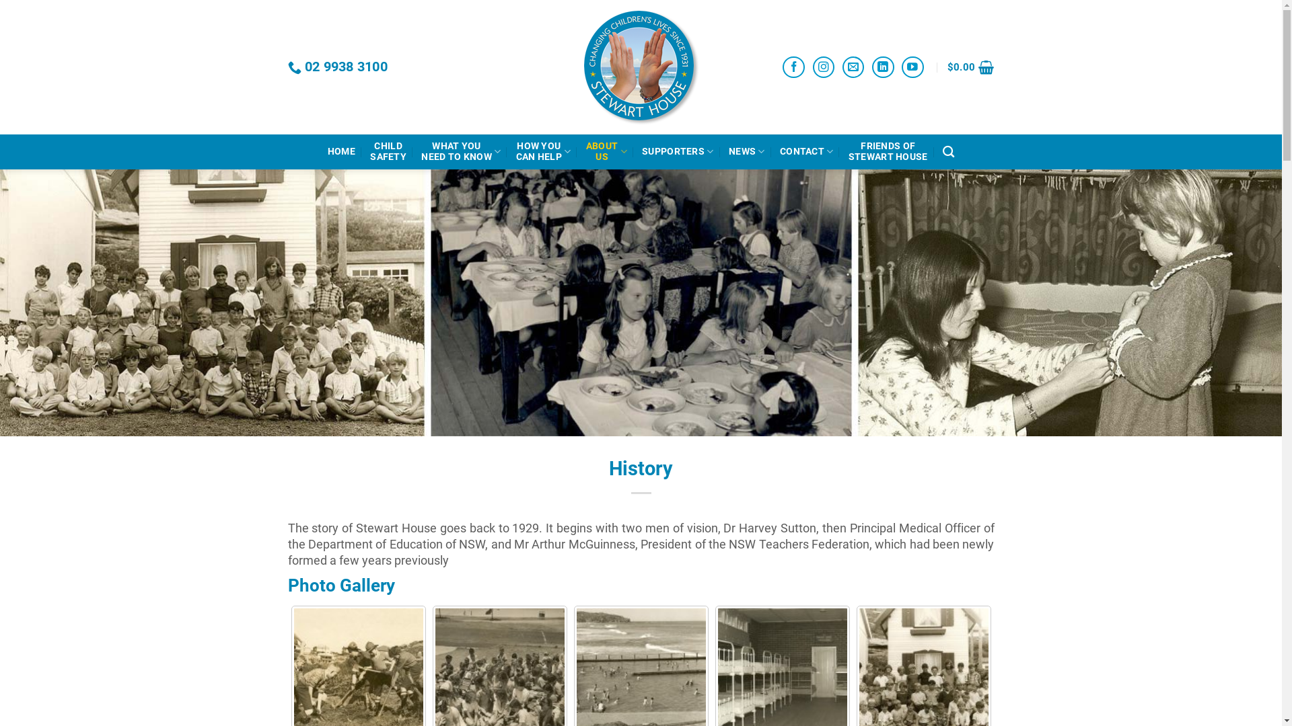  What do you see at coordinates (341, 151) in the screenshot?
I see `'HOME'` at bounding box center [341, 151].